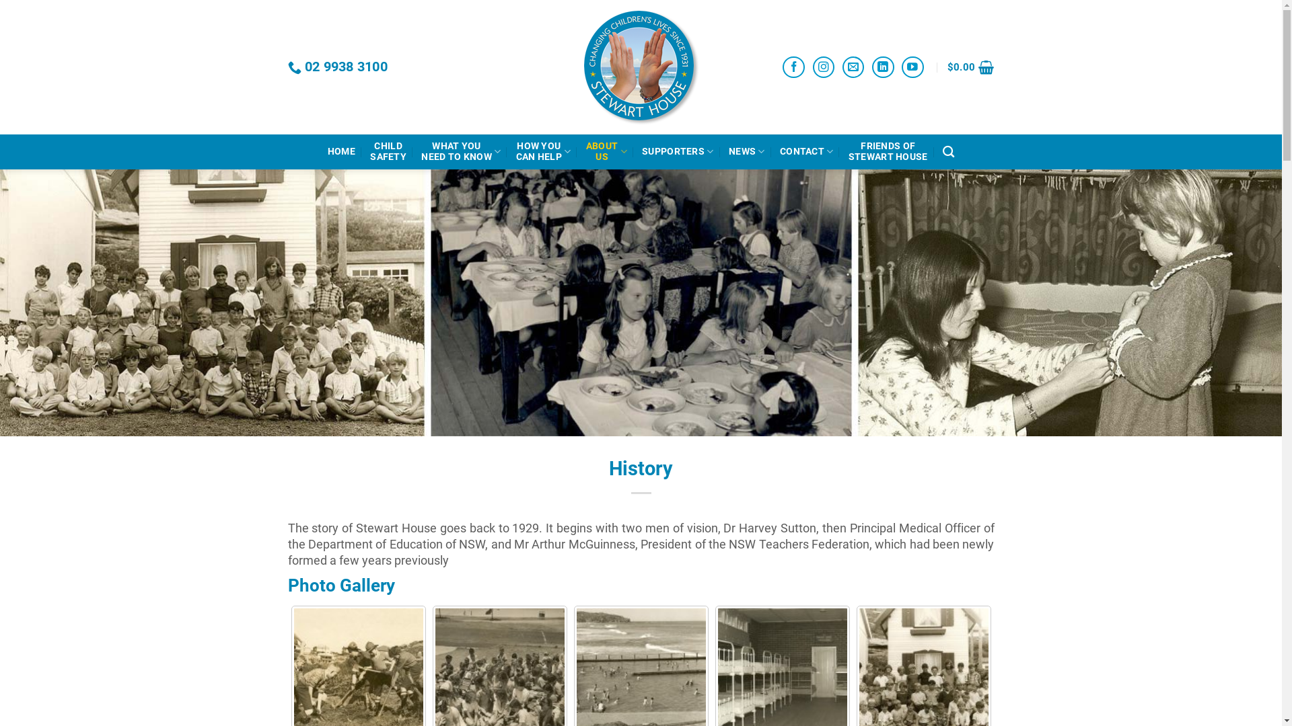  What do you see at coordinates (341, 151) in the screenshot?
I see `'HOME'` at bounding box center [341, 151].